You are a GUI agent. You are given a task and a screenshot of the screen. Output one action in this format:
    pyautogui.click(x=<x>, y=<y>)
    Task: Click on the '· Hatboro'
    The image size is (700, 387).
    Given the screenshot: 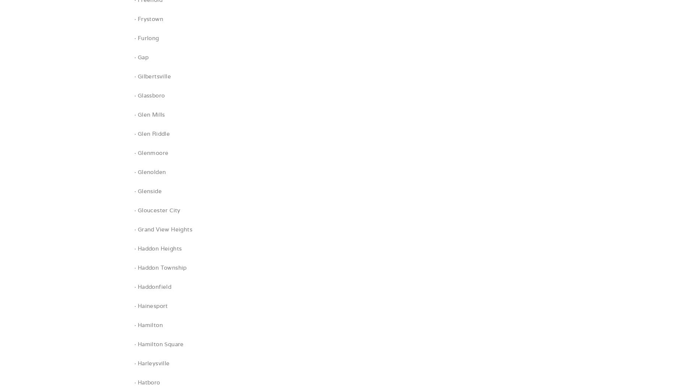 What is the action you would take?
    pyautogui.click(x=147, y=382)
    